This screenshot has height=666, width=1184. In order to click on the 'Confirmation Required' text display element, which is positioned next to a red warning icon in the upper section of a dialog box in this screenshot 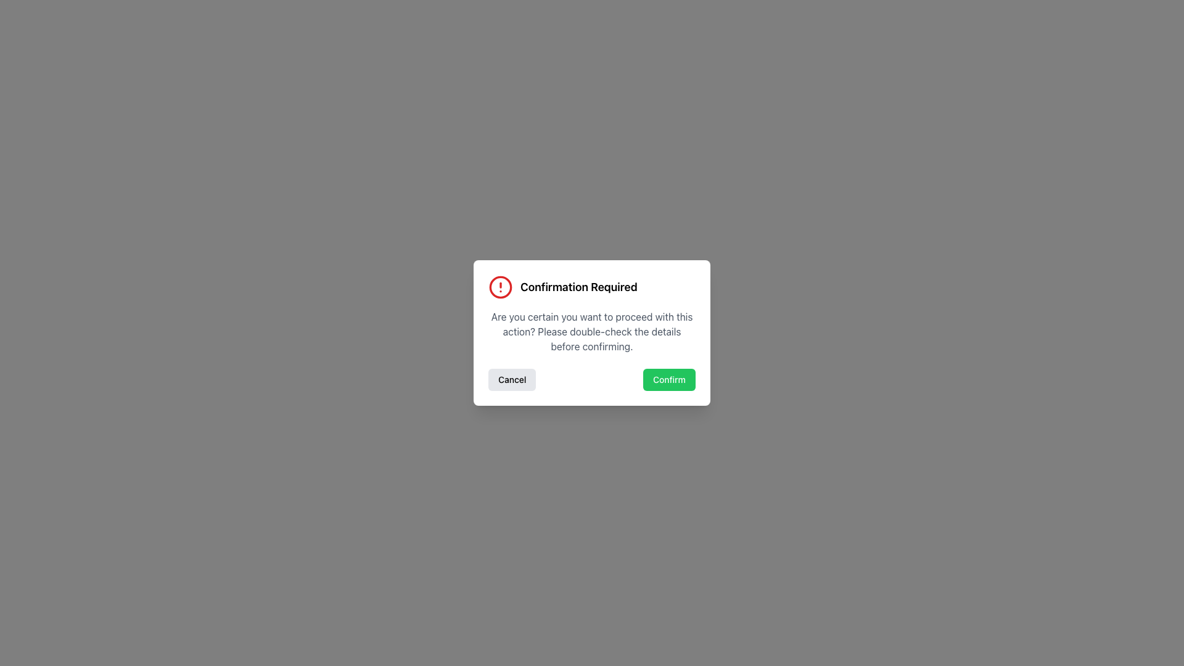, I will do `click(578, 287)`.